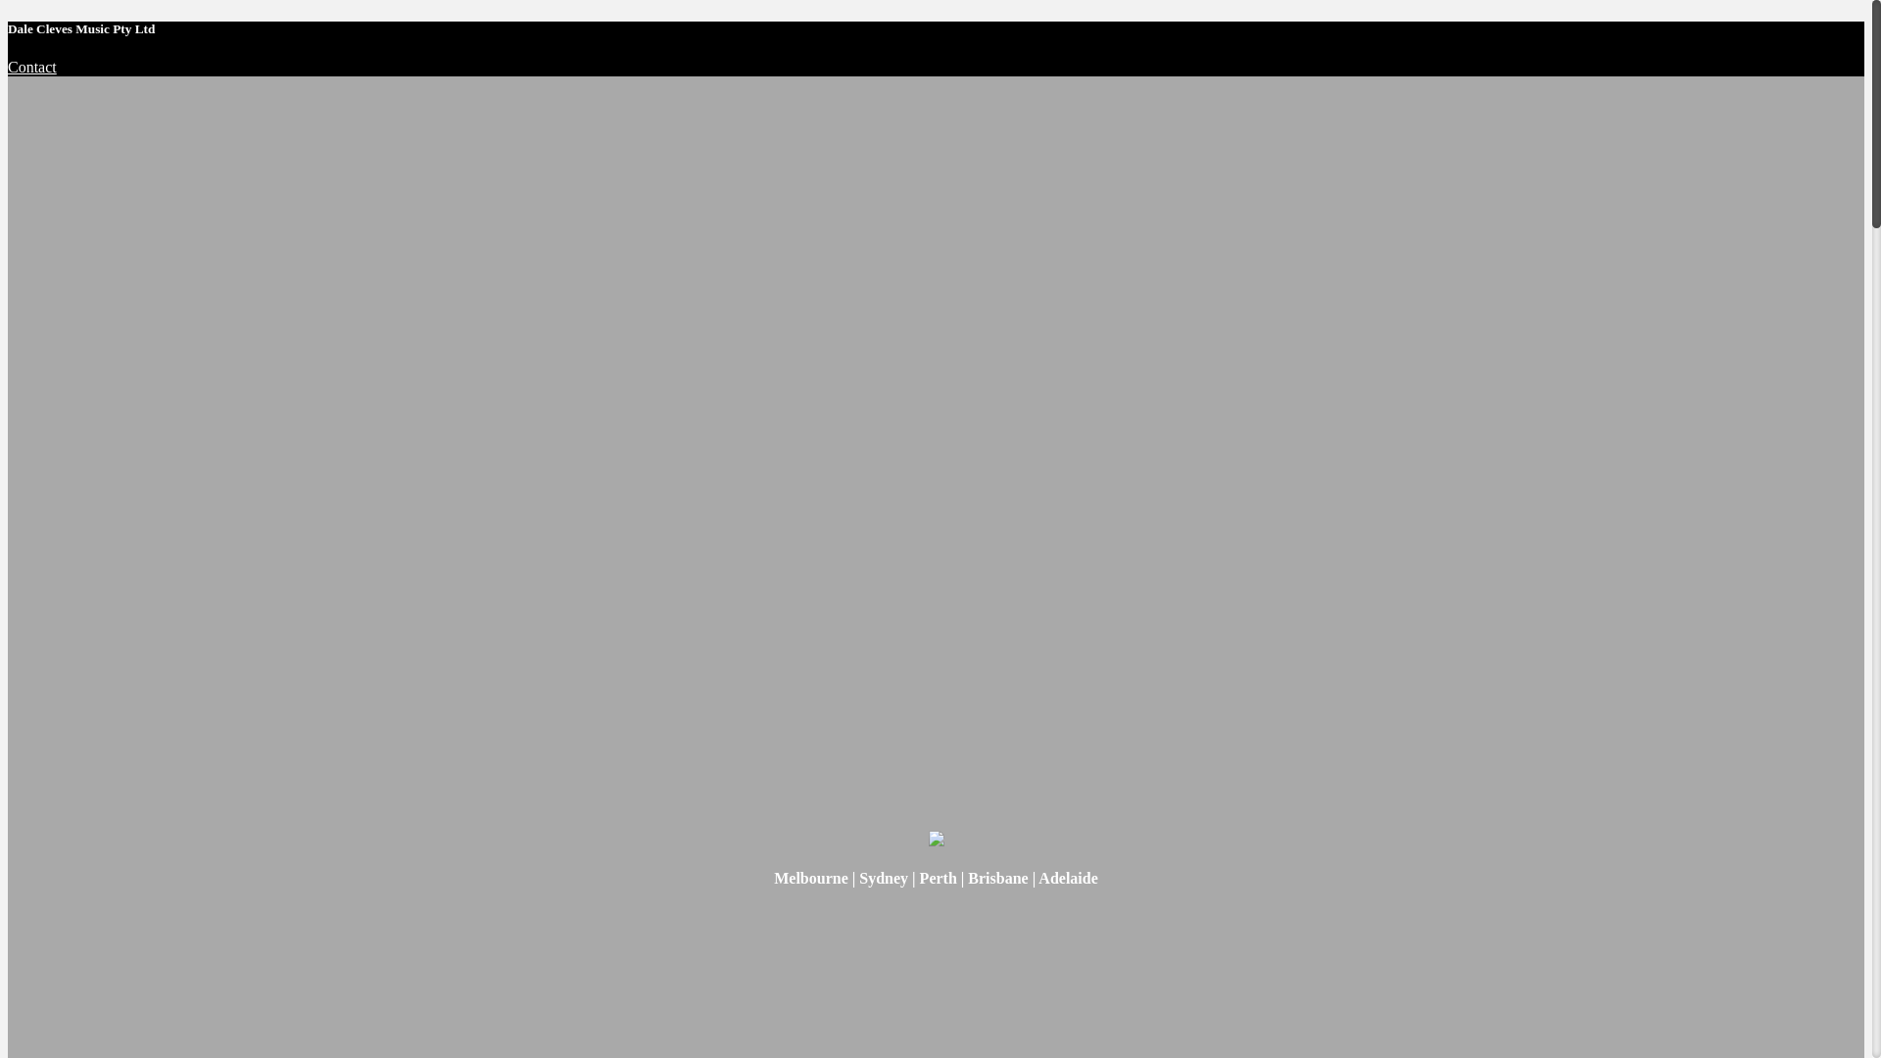 This screenshot has height=1058, width=1881. Describe the element at coordinates (32, 66) in the screenshot. I see `'Contact'` at that location.